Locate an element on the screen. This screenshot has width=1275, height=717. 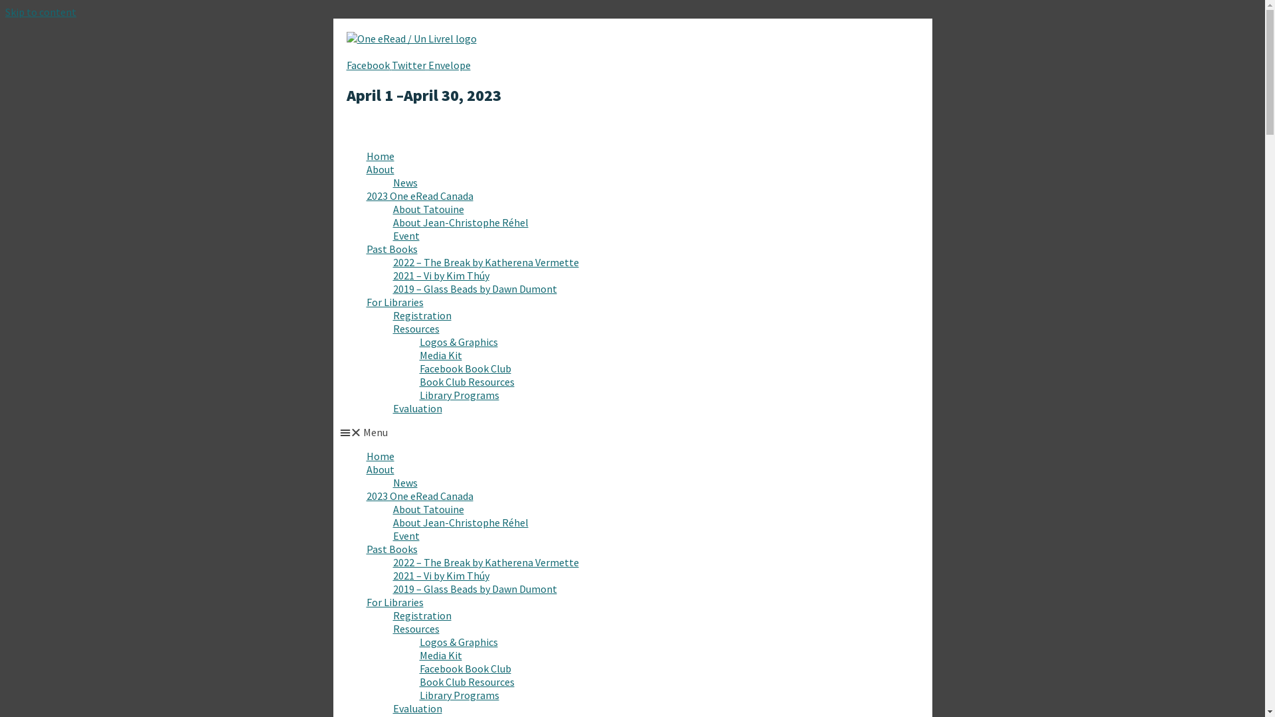
'For Libraries' is located at coordinates (394, 601).